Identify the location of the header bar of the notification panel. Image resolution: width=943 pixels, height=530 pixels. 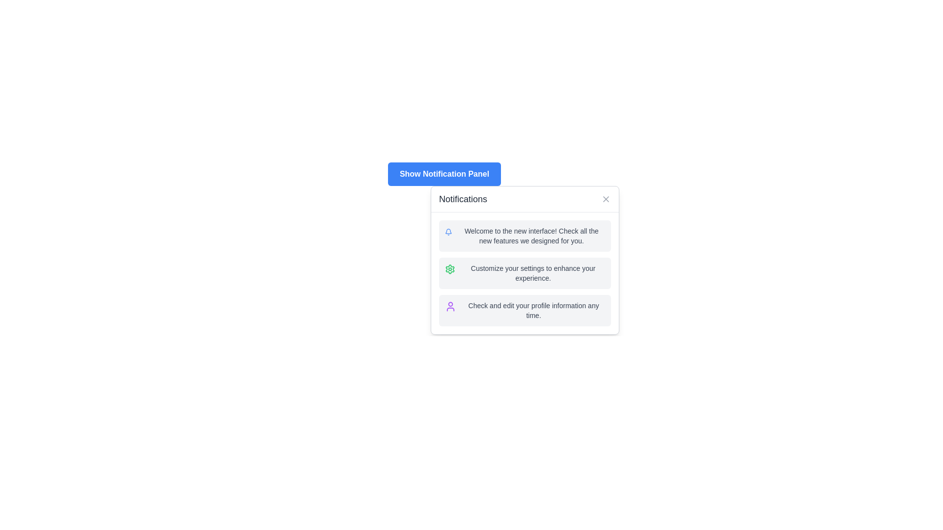
(525, 199).